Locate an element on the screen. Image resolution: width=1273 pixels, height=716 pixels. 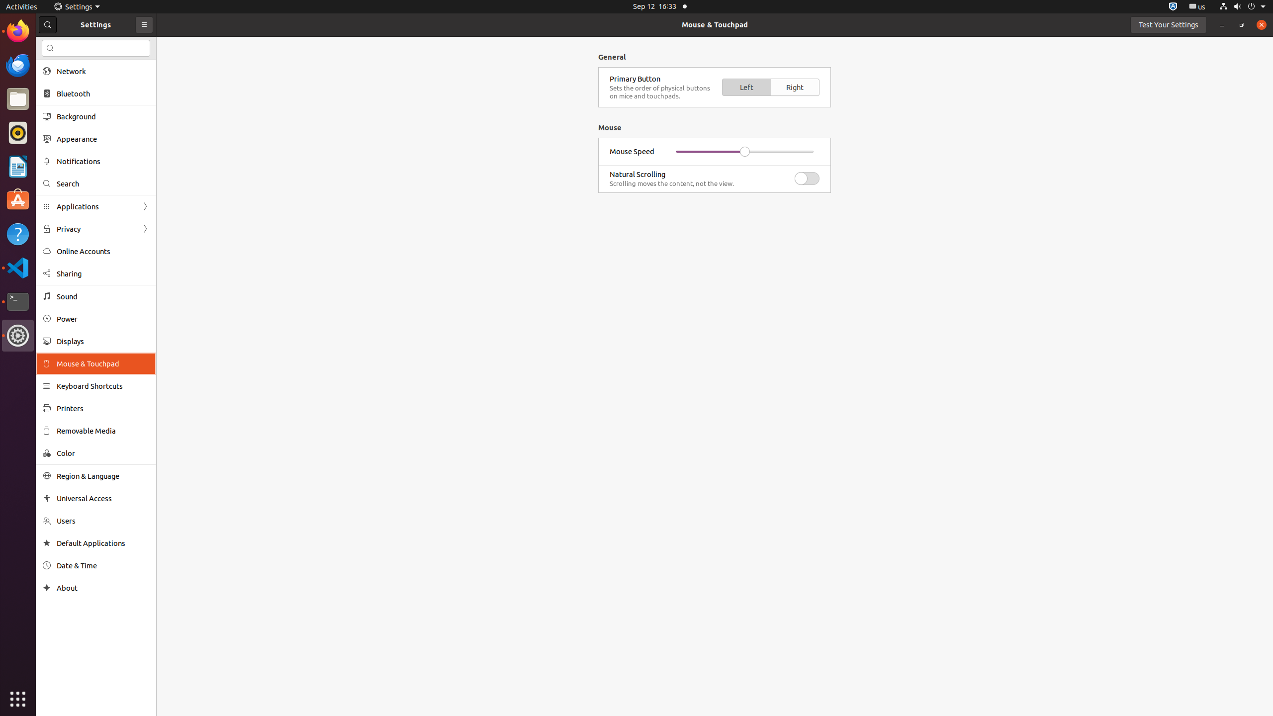
'Primary Menu' is located at coordinates (144, 24).